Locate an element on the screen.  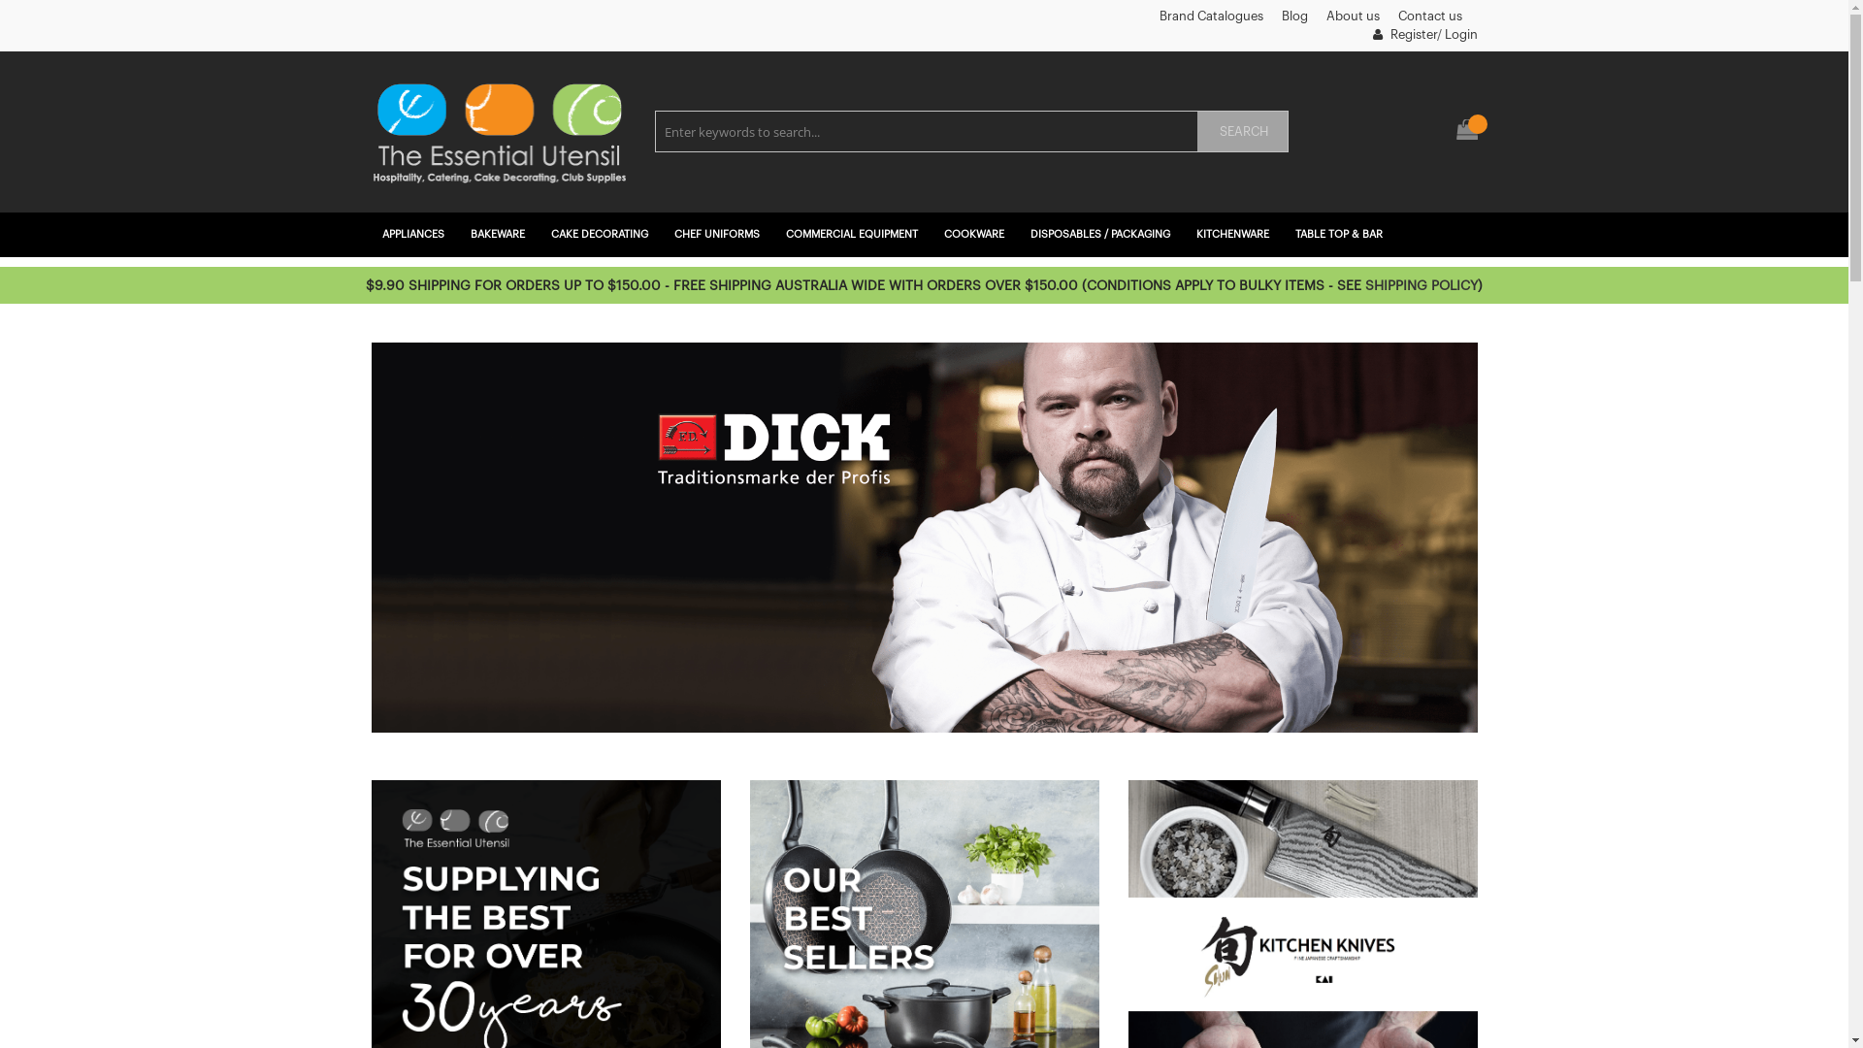
'Register' is located at coordinates (1403, 34).